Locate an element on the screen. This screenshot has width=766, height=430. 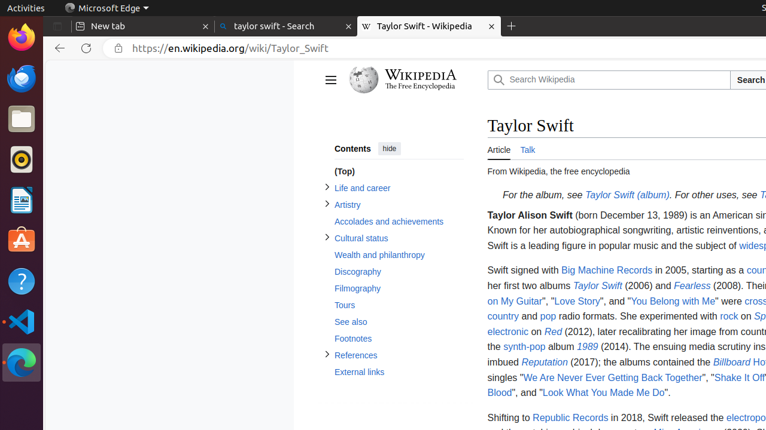
'taylor swift - Search' is located at coordinates (285, 26).